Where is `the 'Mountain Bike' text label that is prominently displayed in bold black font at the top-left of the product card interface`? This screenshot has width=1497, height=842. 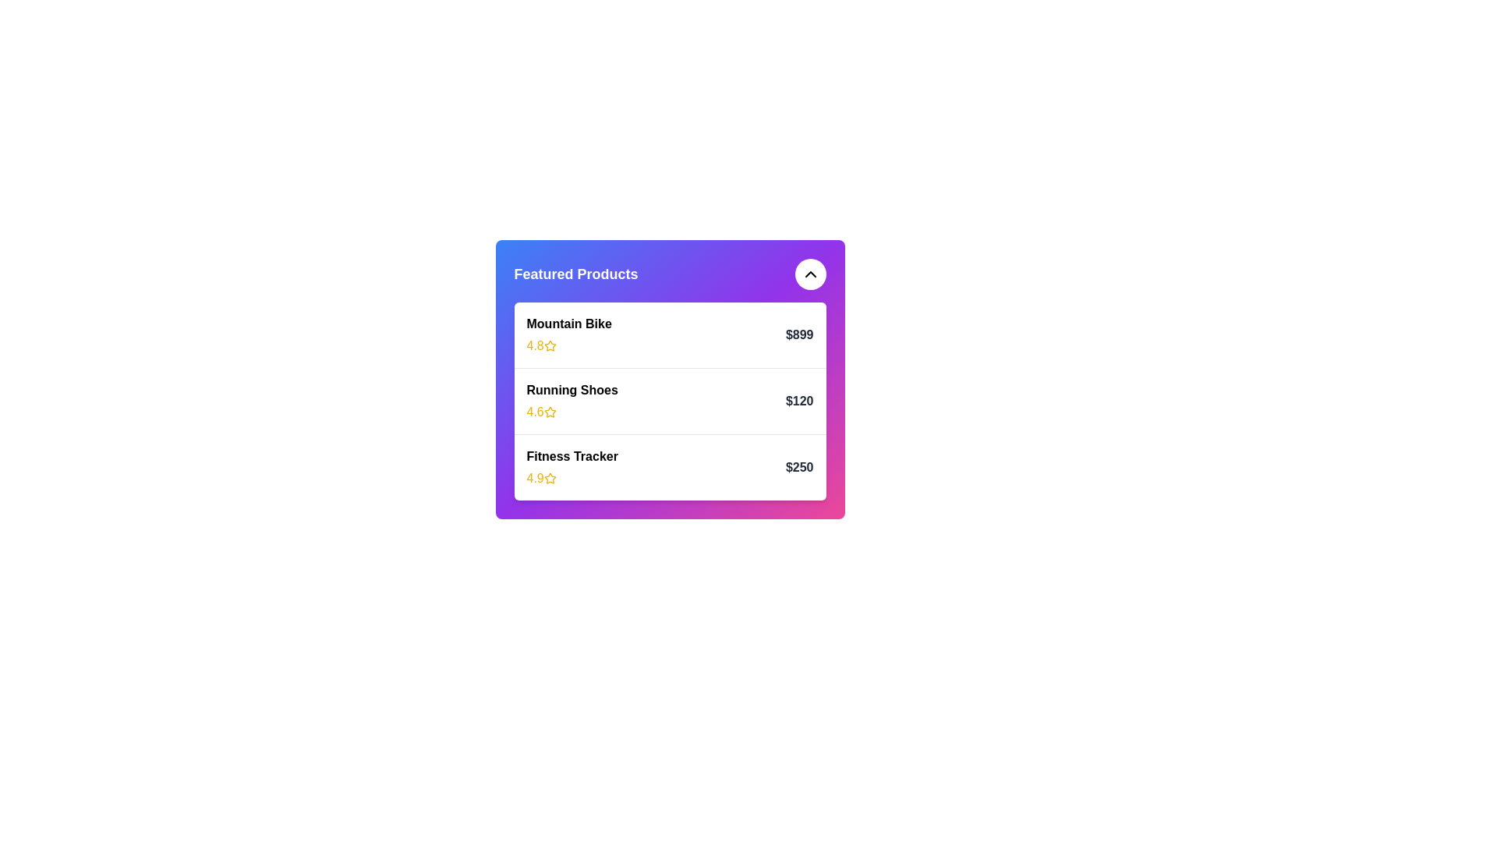
the 'Mountain Bike' text label that is prominently displayed in bold black font at the top-left of the product card interface is located at coordinates (568, 324).